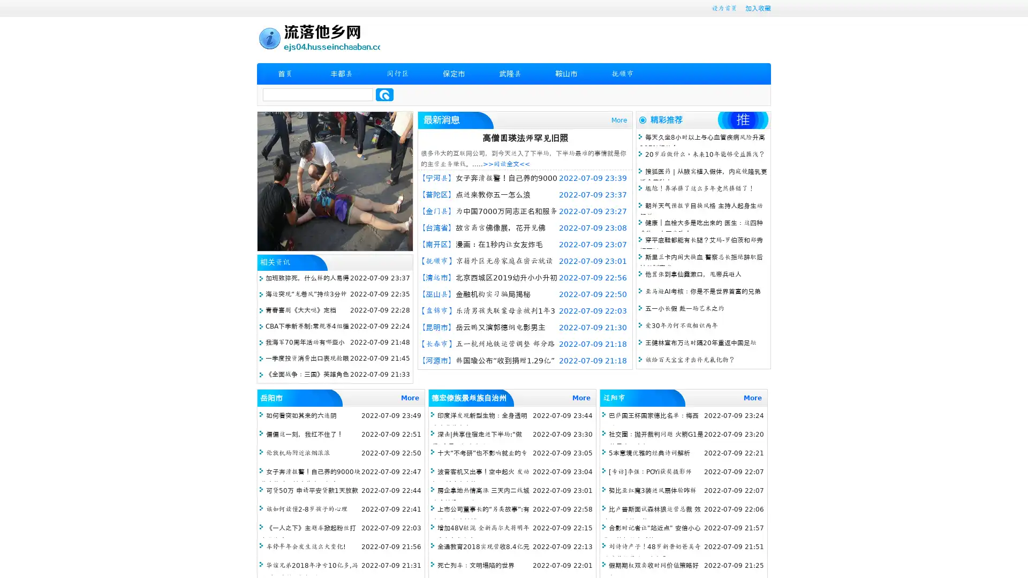 Image resolution: width=1028 pixels, height=578 pixels. What do you see at coordinates (384, 94) in the screenshot?
I see `Search` at bounding box center [384, 94].